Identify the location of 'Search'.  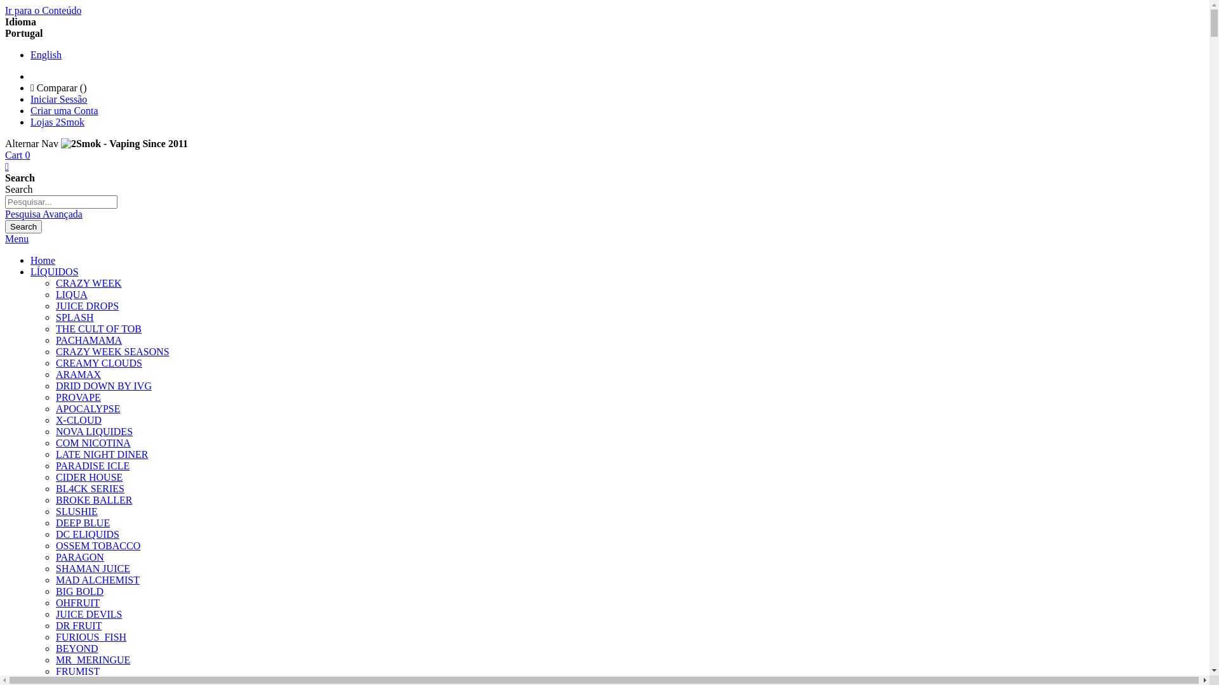
(23, 226).